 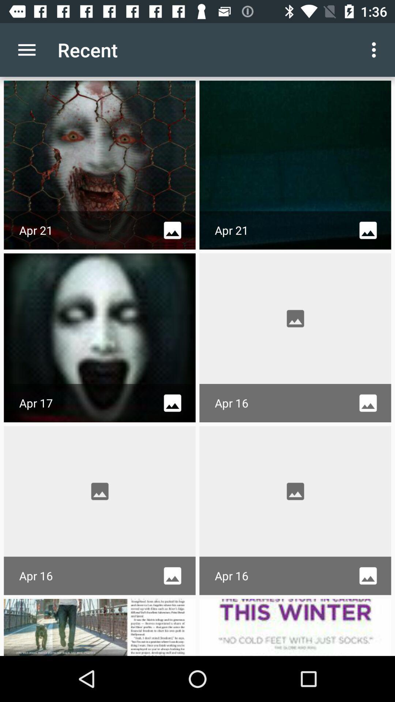 I want to click on the app next to the recent app, so click(x=376, y=49).